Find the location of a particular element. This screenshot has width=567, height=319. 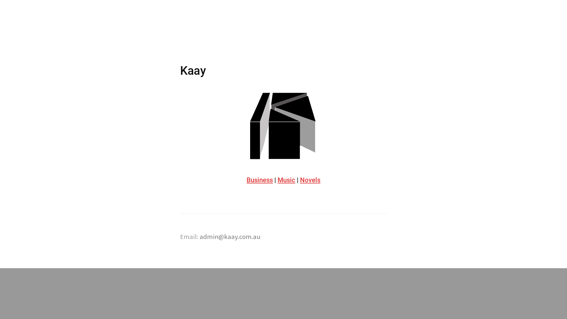

'admin@kaay.com.au' is located at coordinates (200, 236).